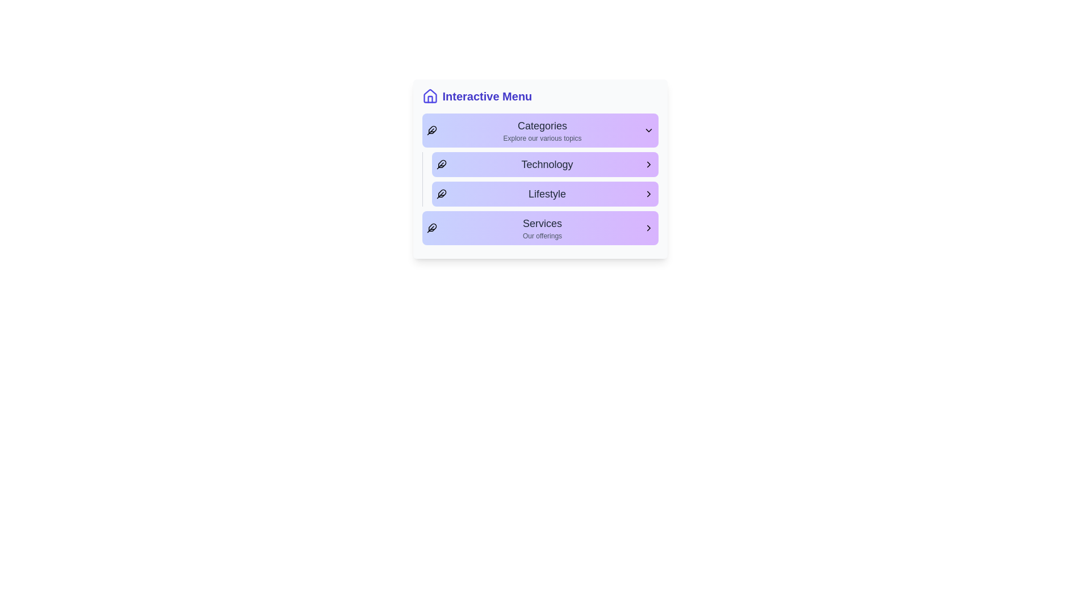 Image resolution: width=1090 pixels, height=613 pixels. I want to click on the visual significance of the 'Categories' icon located at the topmost row of the menu panel, serving as a leading indicator for the 'Categories' section, so click(431, 129).